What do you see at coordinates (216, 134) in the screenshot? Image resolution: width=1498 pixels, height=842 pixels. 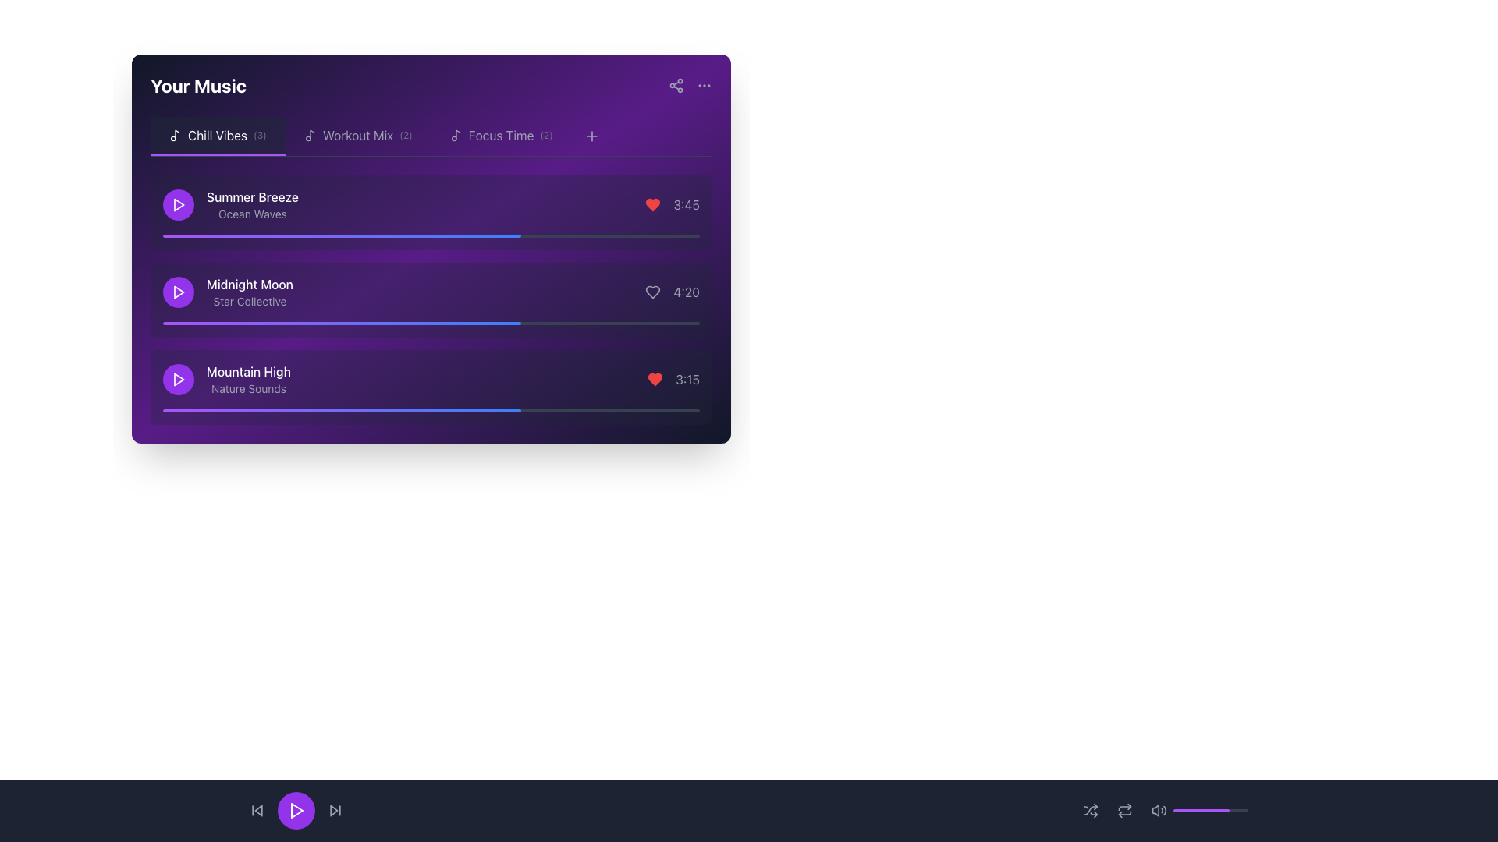 I see `text label indicating the title of the music playlist named 'Chill Vibes' located in the 'Your Music' section, which is the first text label in the tab-like navigation system` at bounding box center [216, 134].